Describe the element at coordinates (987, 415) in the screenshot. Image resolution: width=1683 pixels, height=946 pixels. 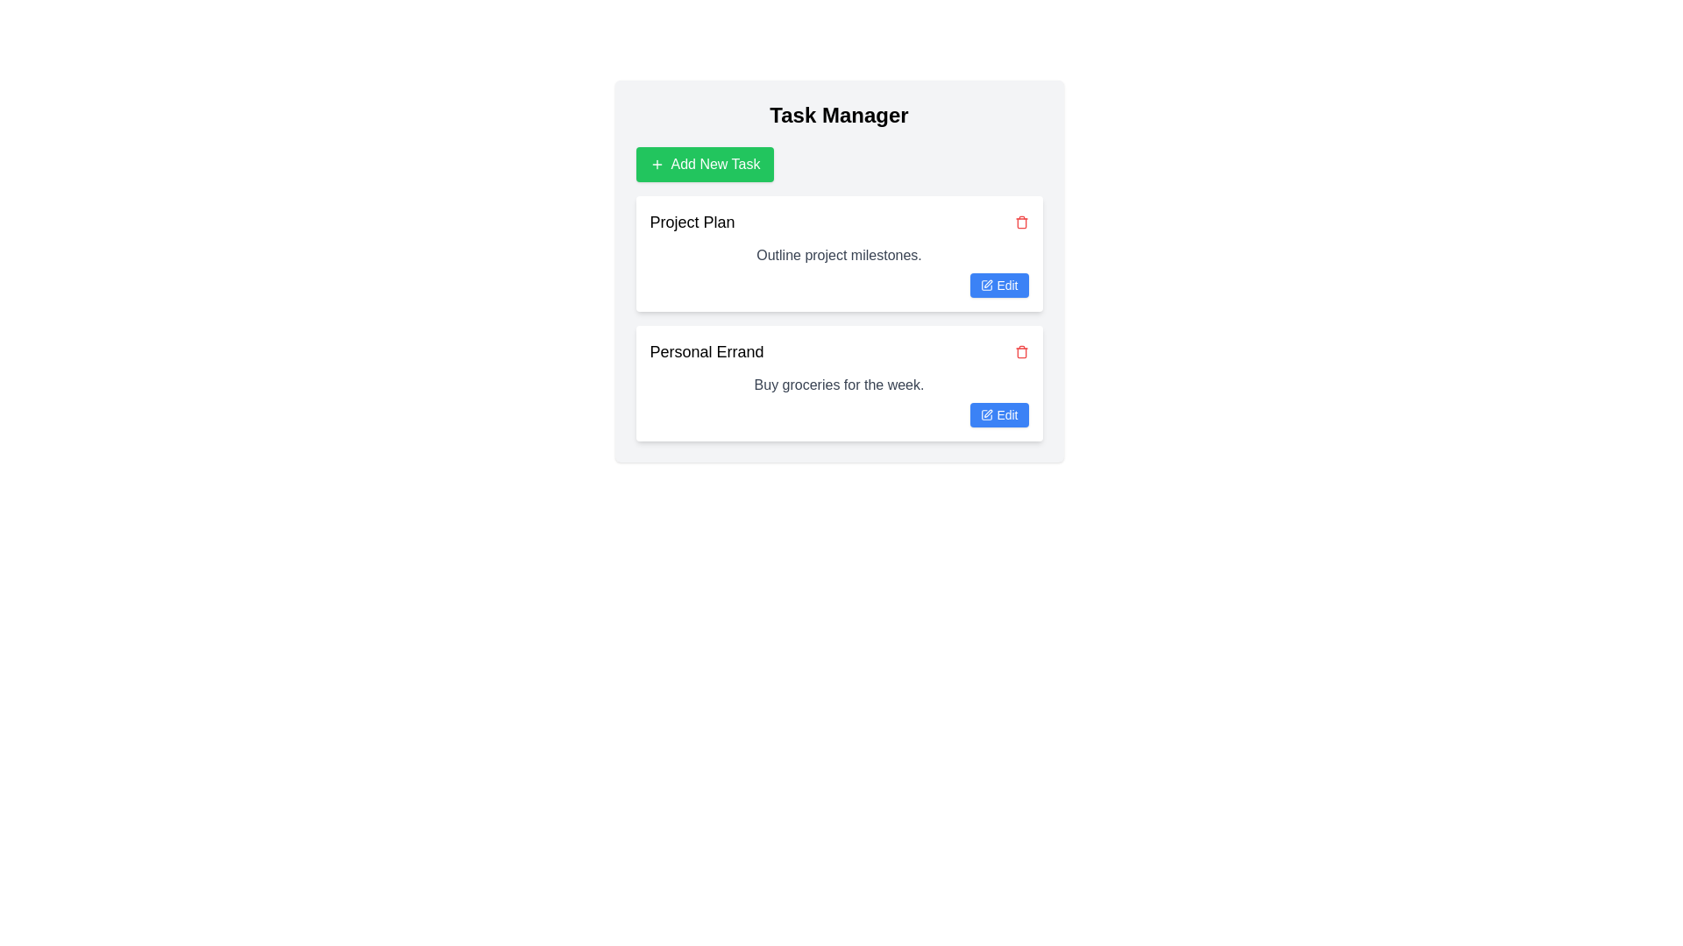
I see `the small blue icon featuring a pen symbol located in the 'Edit' button, which is situated to the right of the 'Personal Errand' task card` at that location.